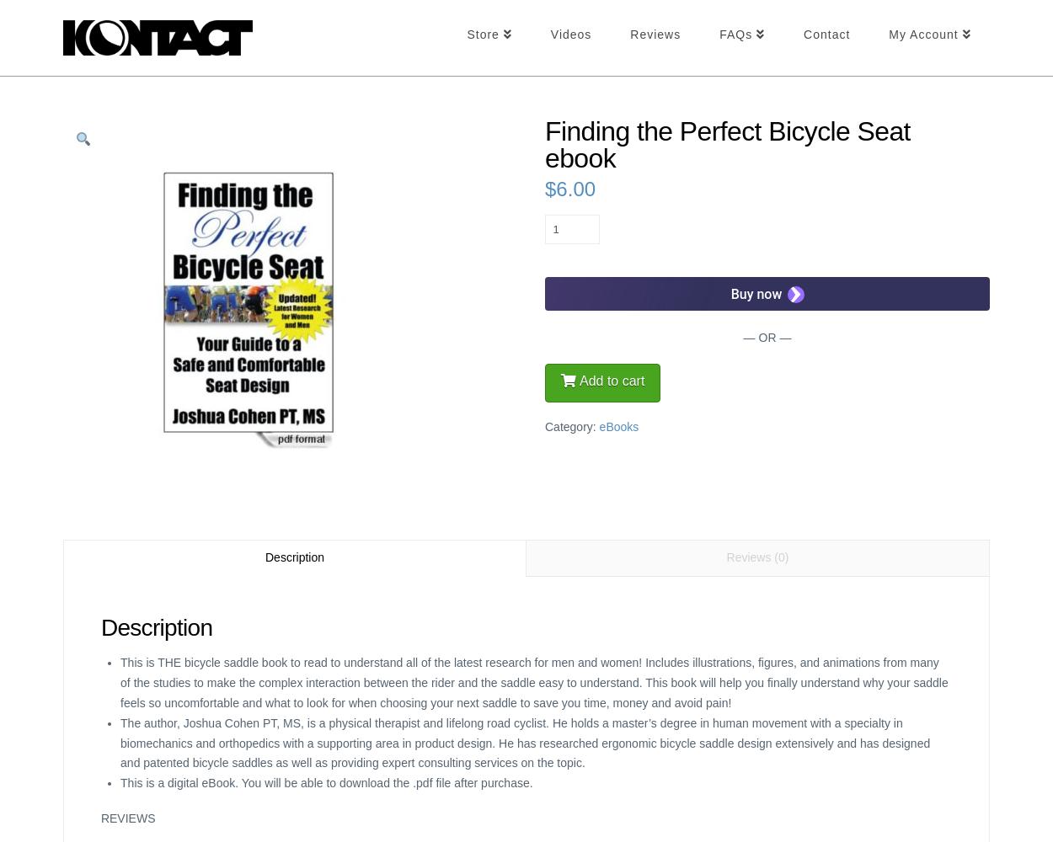 The width and height of the screenshot is (1053, 842). I want to click on 'Category:', so click(572, 427).